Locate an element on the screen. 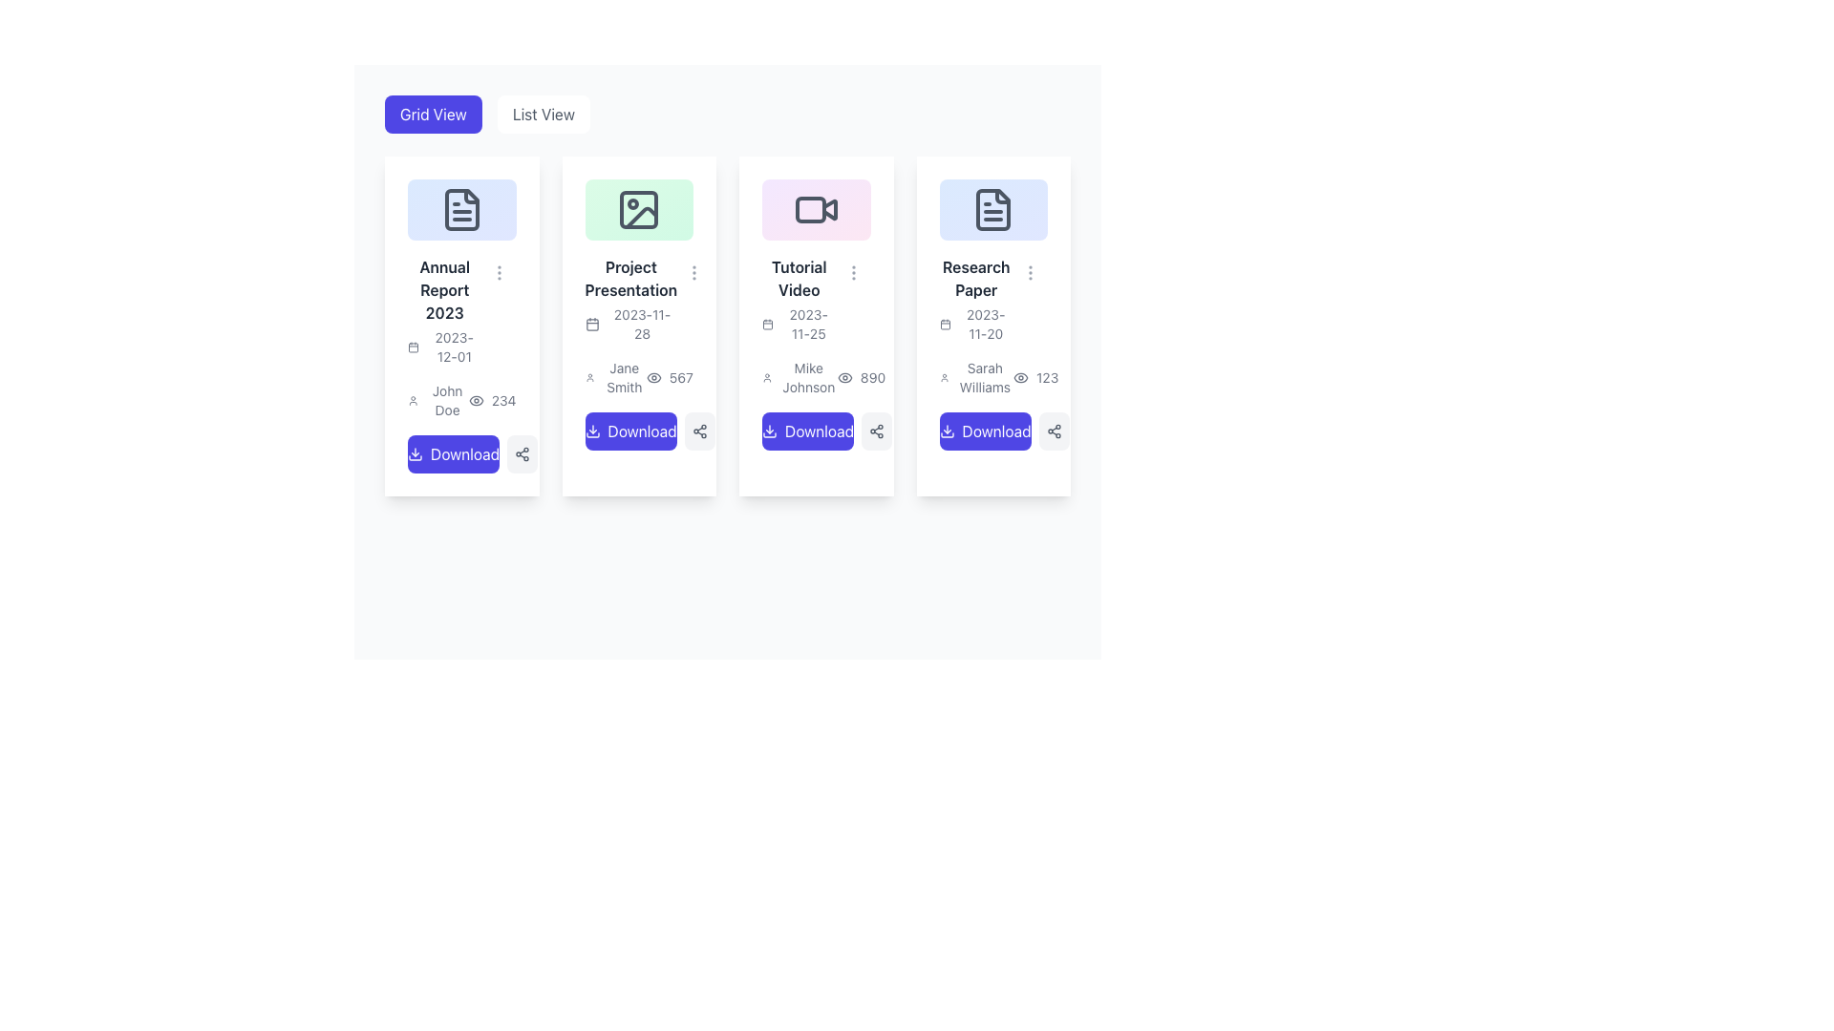 This screenshot has height=1031, width=1834. the content of the Metadata display which shows the user's name 'Sarah Williams' and the number '123' located on the fourth card in a row of cards, positioned beneath the date and above the 'Download' button is located at coordinates (993, 377).